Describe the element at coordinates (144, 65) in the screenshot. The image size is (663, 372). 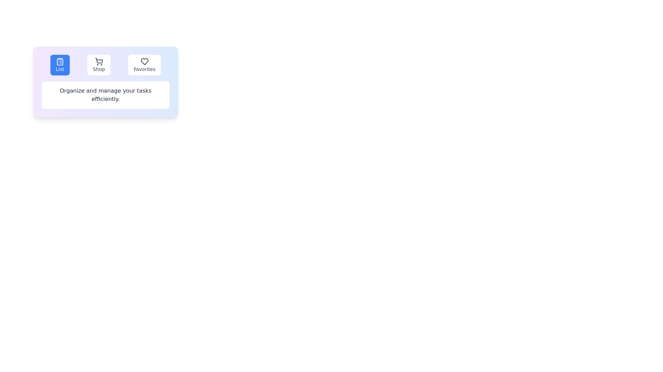
I see `the tab labeled Favorites to view its content` at that location.